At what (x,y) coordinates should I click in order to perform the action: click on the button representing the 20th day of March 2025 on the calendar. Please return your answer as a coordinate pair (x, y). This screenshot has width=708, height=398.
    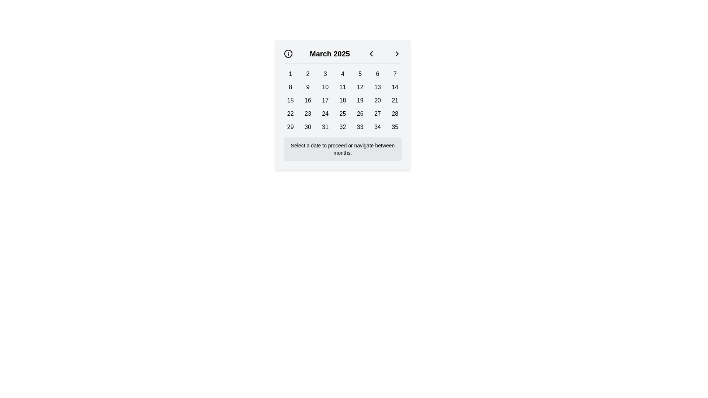
    Looking at the image, I should click on (378, 101).